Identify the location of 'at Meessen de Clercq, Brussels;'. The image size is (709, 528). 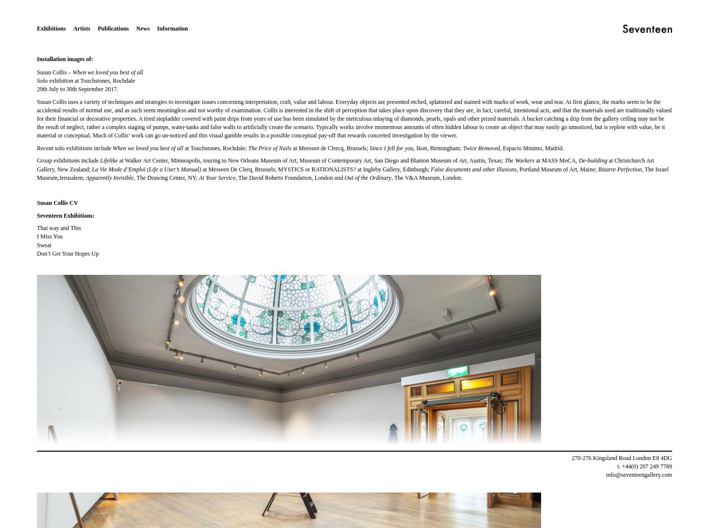
(330, 147).